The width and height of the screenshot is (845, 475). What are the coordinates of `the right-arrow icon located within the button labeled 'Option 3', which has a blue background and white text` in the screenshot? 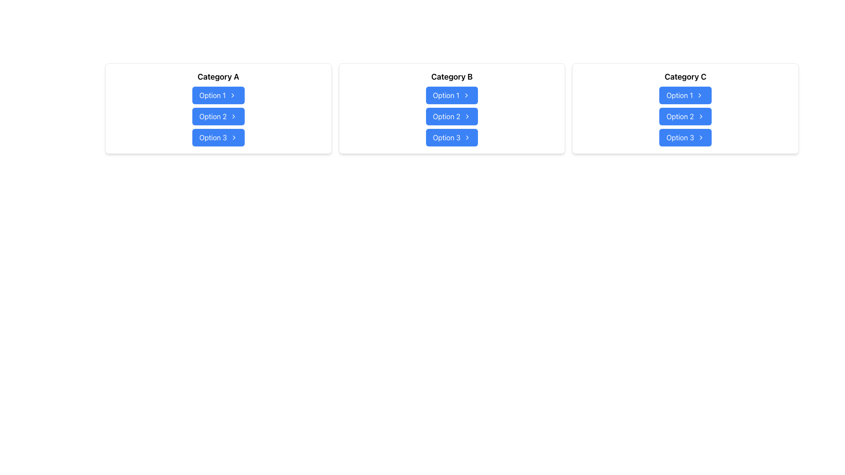 It's located at (467, 137).